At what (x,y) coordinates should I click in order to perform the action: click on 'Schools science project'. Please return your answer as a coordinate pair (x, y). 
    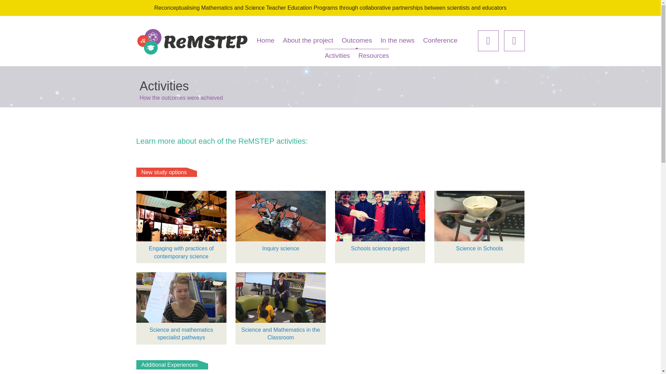
    Looking at the image, I should click on (379, 223).